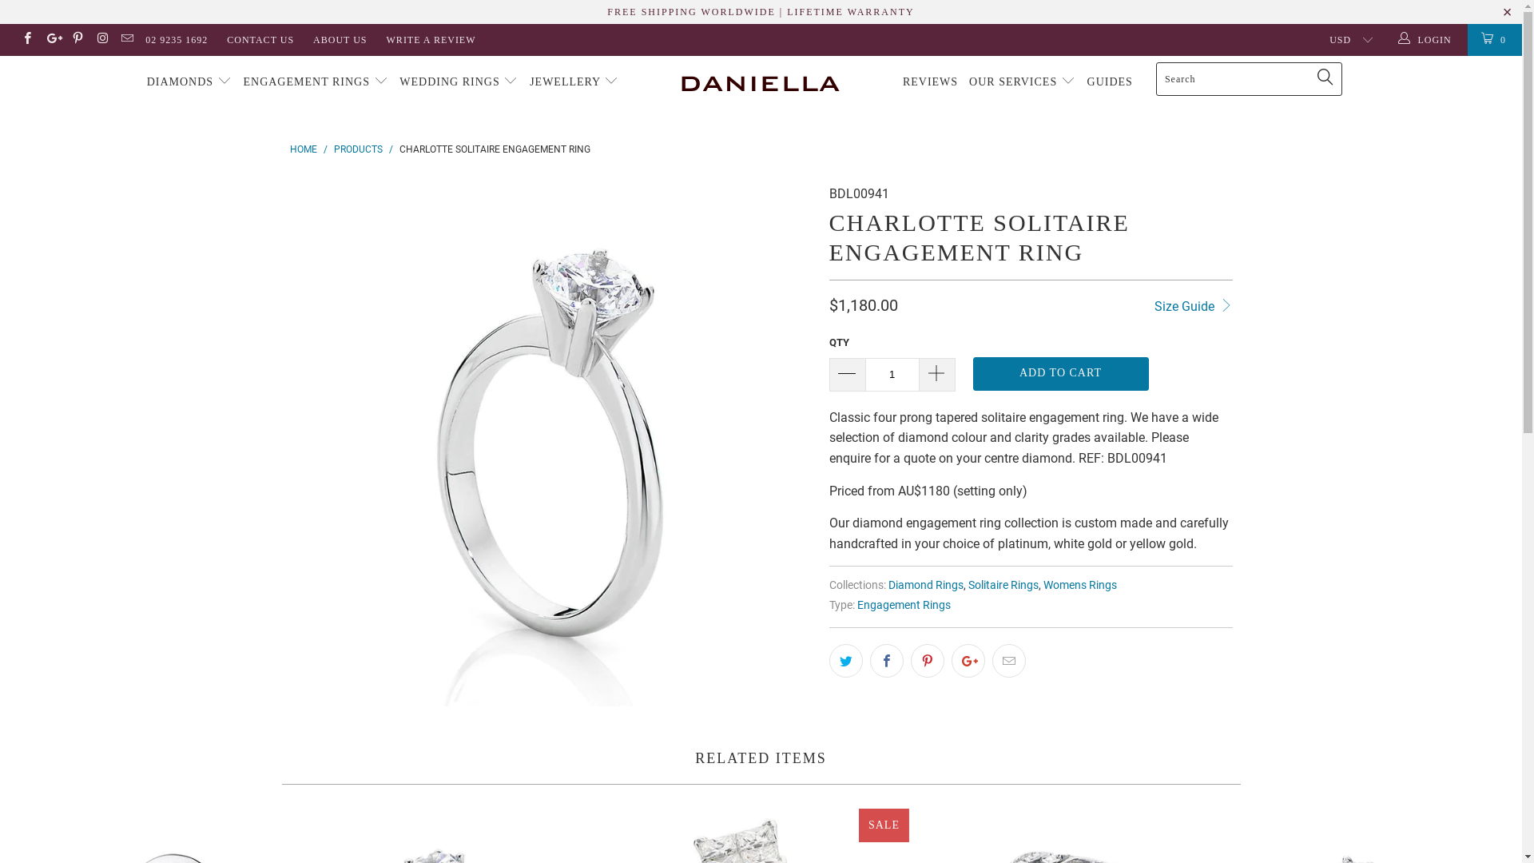 Image resolution: width=1534 pixels, height=863 pixels. What do you see at coordinates (1007, 660) in the screenshot?
I see `'Email this to a friend'` at bounding box center [1007, 660].